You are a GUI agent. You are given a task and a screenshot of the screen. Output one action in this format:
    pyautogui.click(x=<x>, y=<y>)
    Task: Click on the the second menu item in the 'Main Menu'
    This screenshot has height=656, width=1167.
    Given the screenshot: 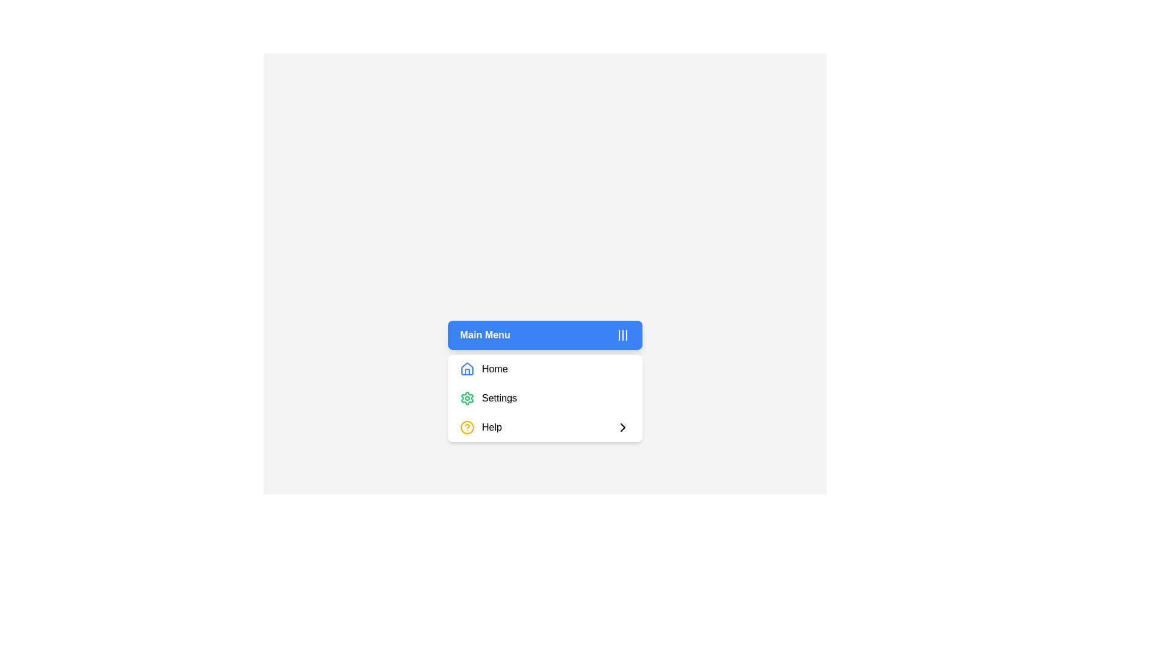 What is the action you would take?
    pyautogui.click(x=545, y=398)
    